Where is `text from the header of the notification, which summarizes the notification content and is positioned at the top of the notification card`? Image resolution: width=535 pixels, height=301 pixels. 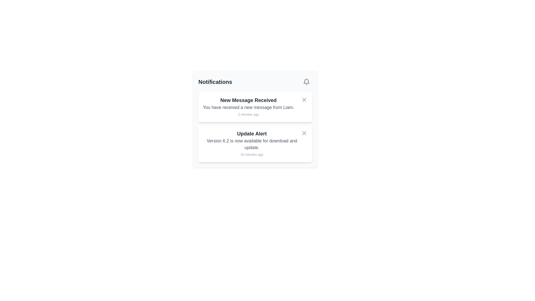 text from the header of the notification, which summarizes the notification content and is positioned at the top of the notification card is located at coordinates (248, 100).